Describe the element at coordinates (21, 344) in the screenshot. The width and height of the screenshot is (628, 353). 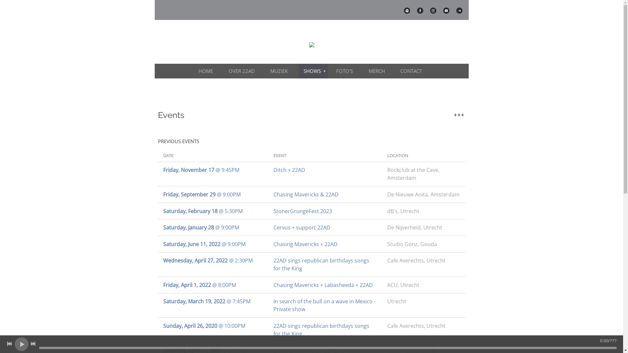
I see `'Play'` at that location.